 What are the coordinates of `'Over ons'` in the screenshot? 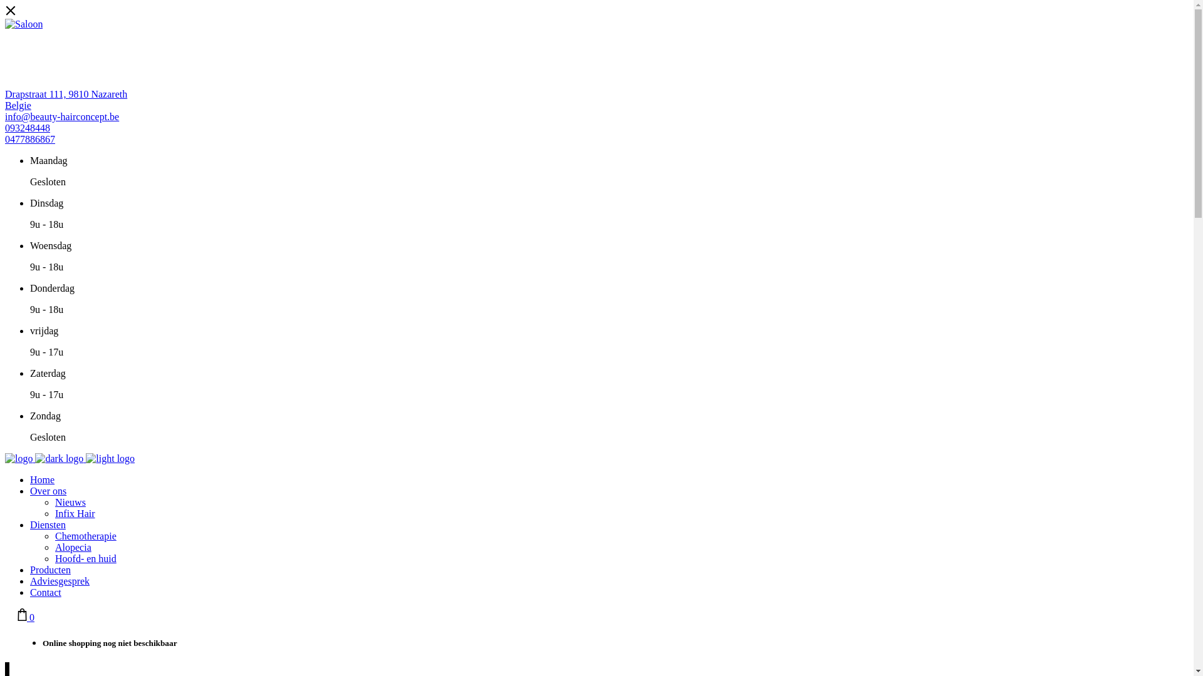 It's located at (48, 490).